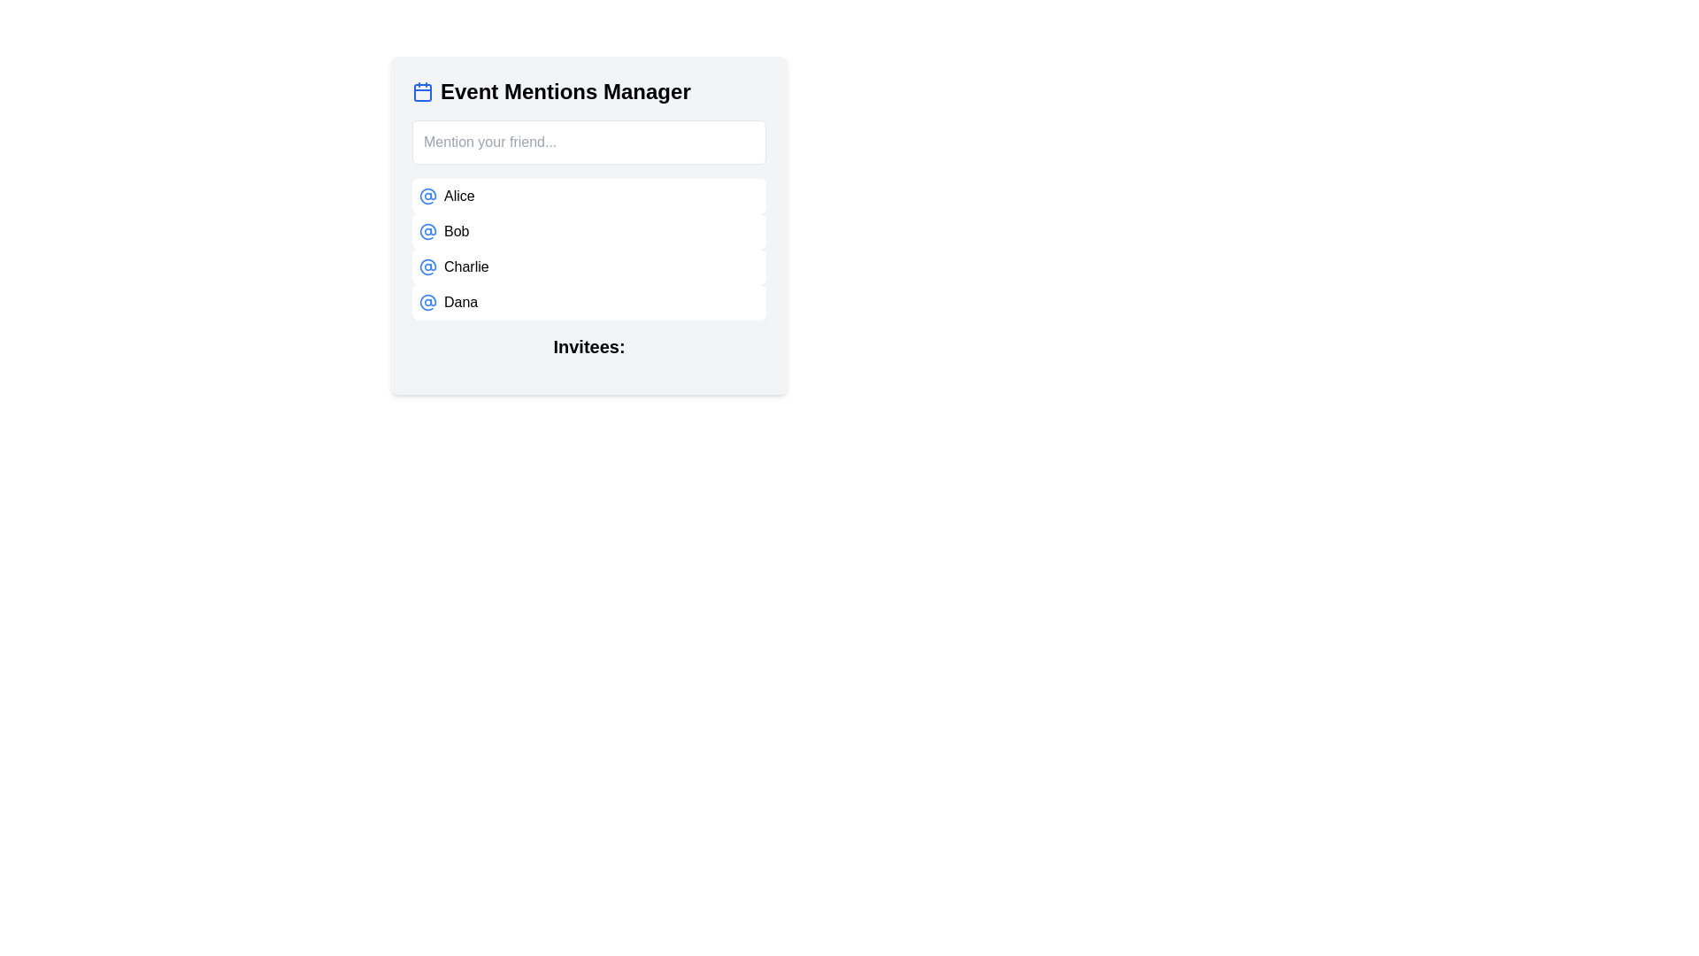 This screenshot has height=956, width=1699. What do you see at coordinates (428, 302) in the screenshot?
I see `the '@' mention icon associated with the user named 'Dana' in the 'Event Mentions Manager' interface, positioned to the left of the text 'Dana'` at bounding box center [428, 302].